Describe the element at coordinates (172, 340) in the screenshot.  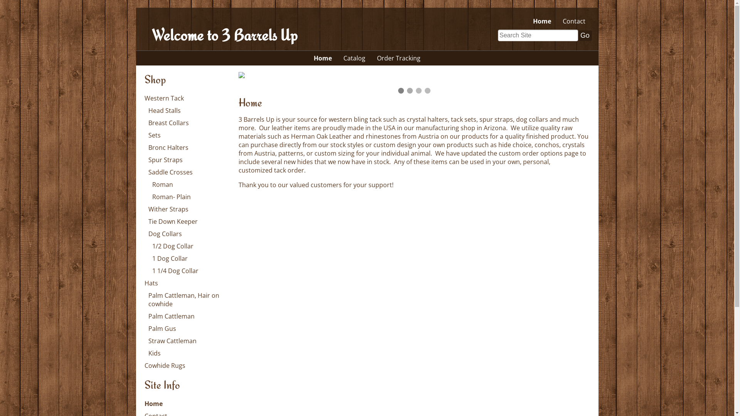
I see `'Straw Cattleman'` at that location.